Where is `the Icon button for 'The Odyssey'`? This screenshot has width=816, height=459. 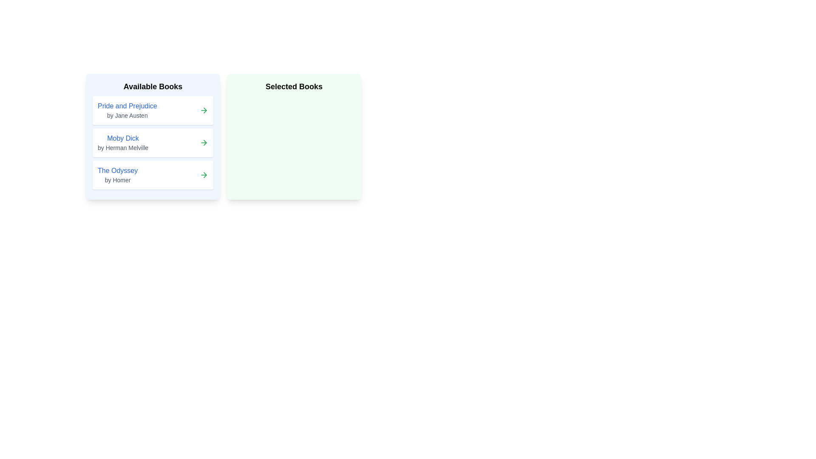 the Icon button for 'The Odyssey' is located at coordinates (204, 175).